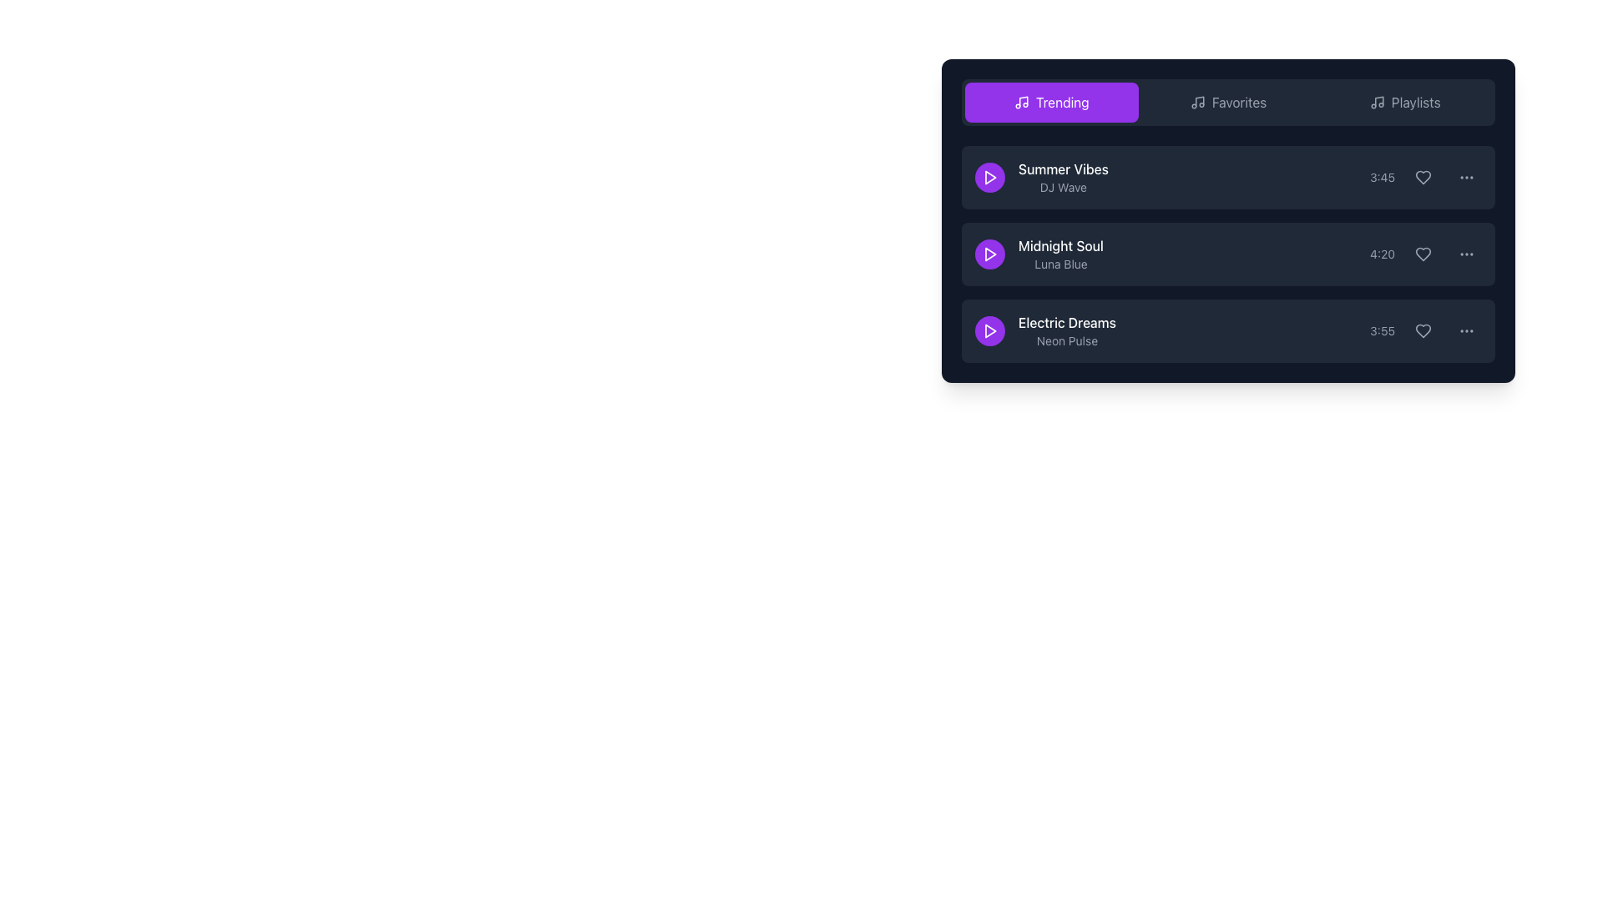 This screenshot has height=901, width=1603. I want to click on the 'Trending' button with a music note icon and text label, so click(1050, 103).